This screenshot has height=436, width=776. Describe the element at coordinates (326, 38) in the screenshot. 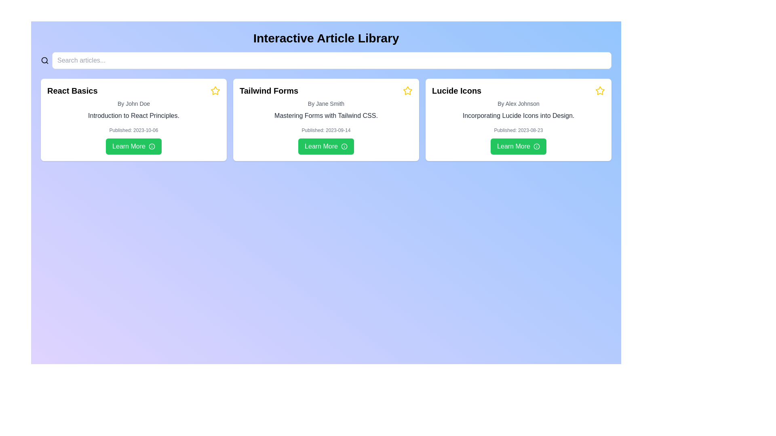

I see `the page header indicating the purpose of the interactive article library, located at the top-center of the interface` at that location.